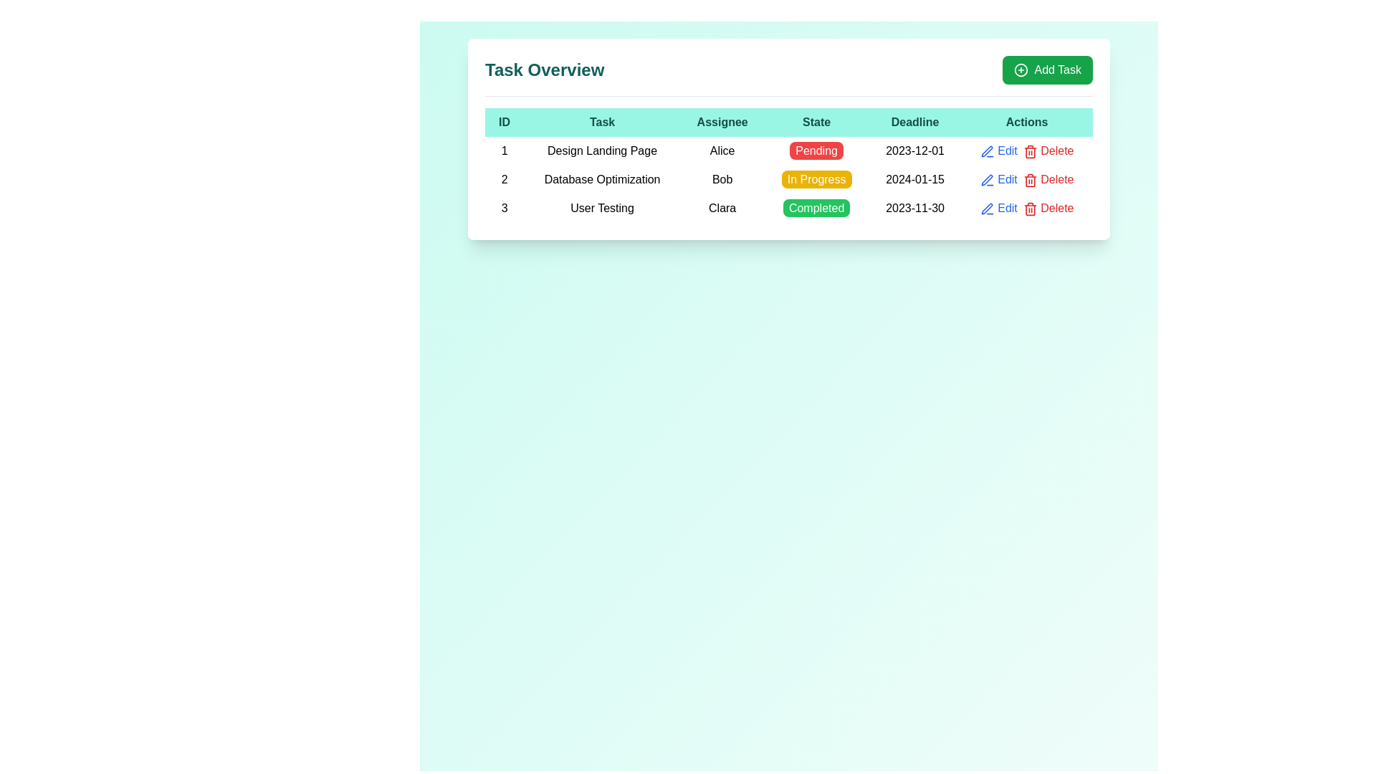  What do you see at coordinates (1048, 178) in the screenshot?
I see `the 'Delete' button or link located` at bounding box center [1048, 178].